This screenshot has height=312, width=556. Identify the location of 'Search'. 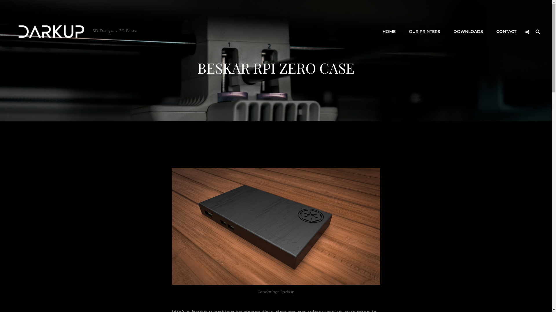
(537, 31).